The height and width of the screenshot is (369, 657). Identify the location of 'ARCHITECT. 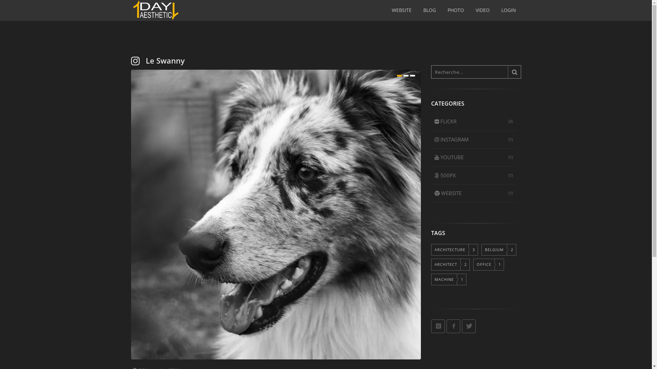
(450, 264).